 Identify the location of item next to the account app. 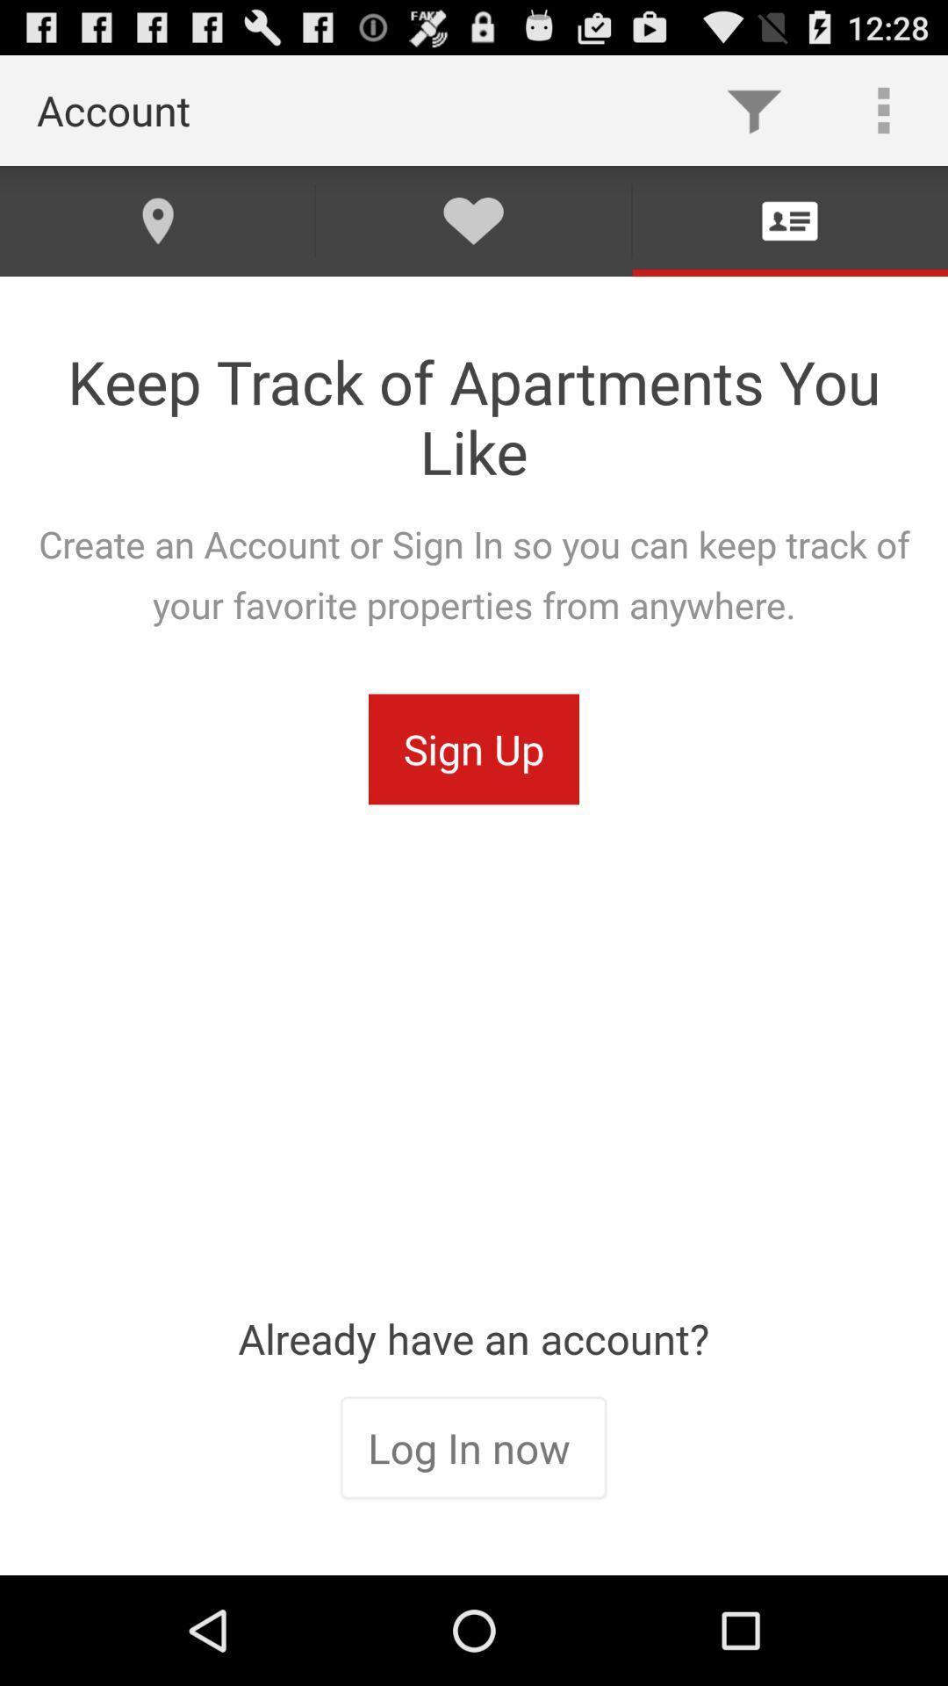
(753, 109).